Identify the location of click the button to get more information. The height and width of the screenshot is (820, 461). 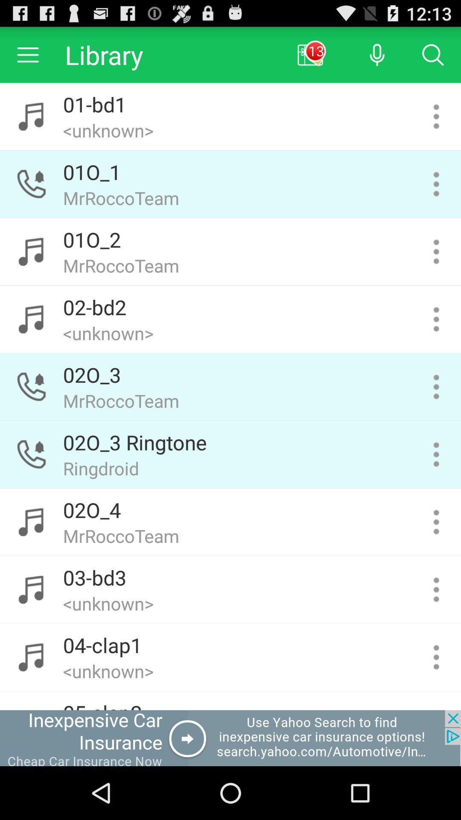
(436, 454).